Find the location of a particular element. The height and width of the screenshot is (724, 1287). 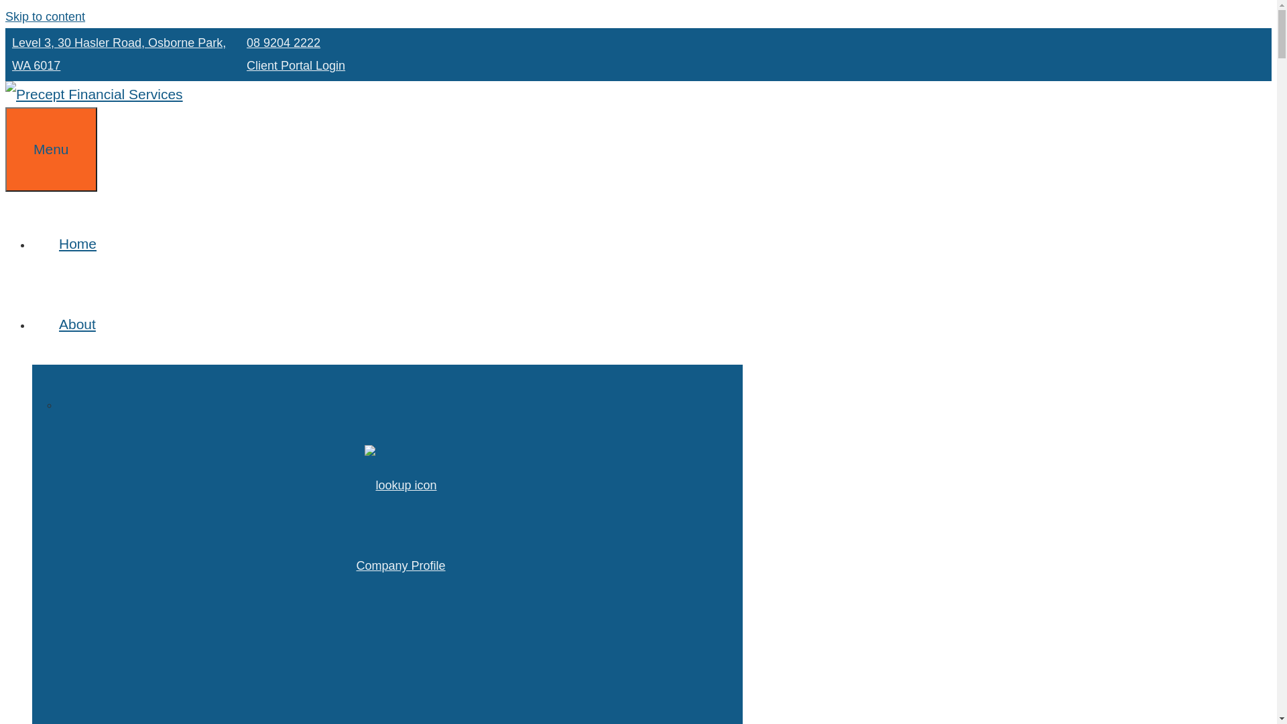

'Client Portal Login' is located at coordinates (295, 65).